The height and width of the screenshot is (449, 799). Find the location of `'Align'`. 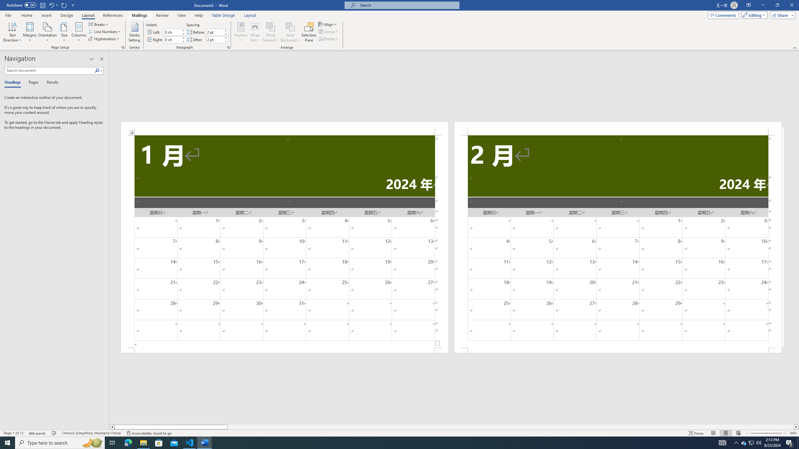

'Align' is located at coordinates (327, 24).